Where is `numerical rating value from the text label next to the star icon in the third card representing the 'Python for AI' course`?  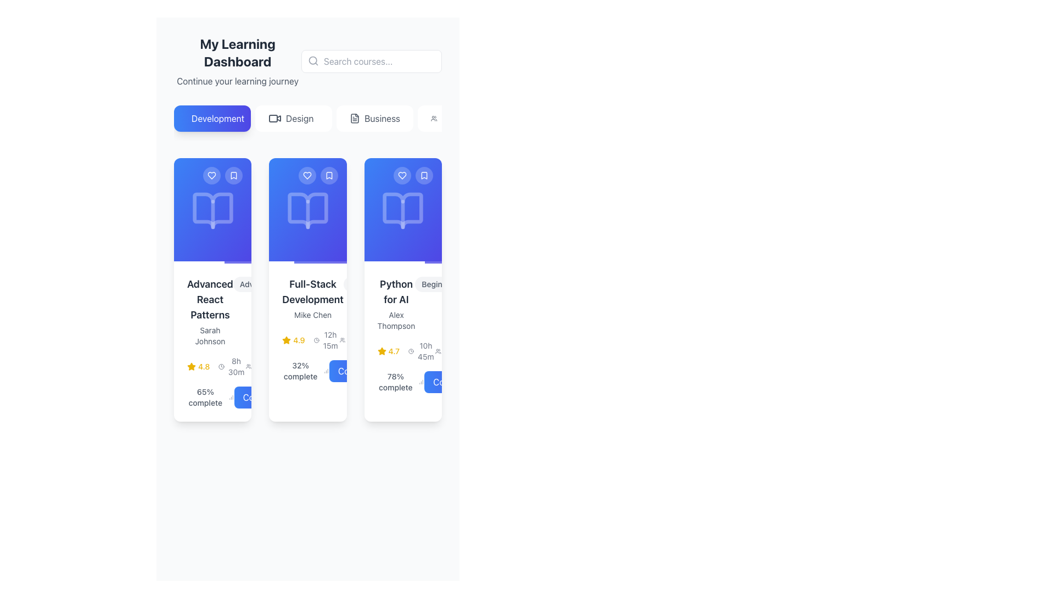 numerical rating value from the text label next to the star icon in the third card representing the 'Python for AI' course is located at coordinates (394, 351).